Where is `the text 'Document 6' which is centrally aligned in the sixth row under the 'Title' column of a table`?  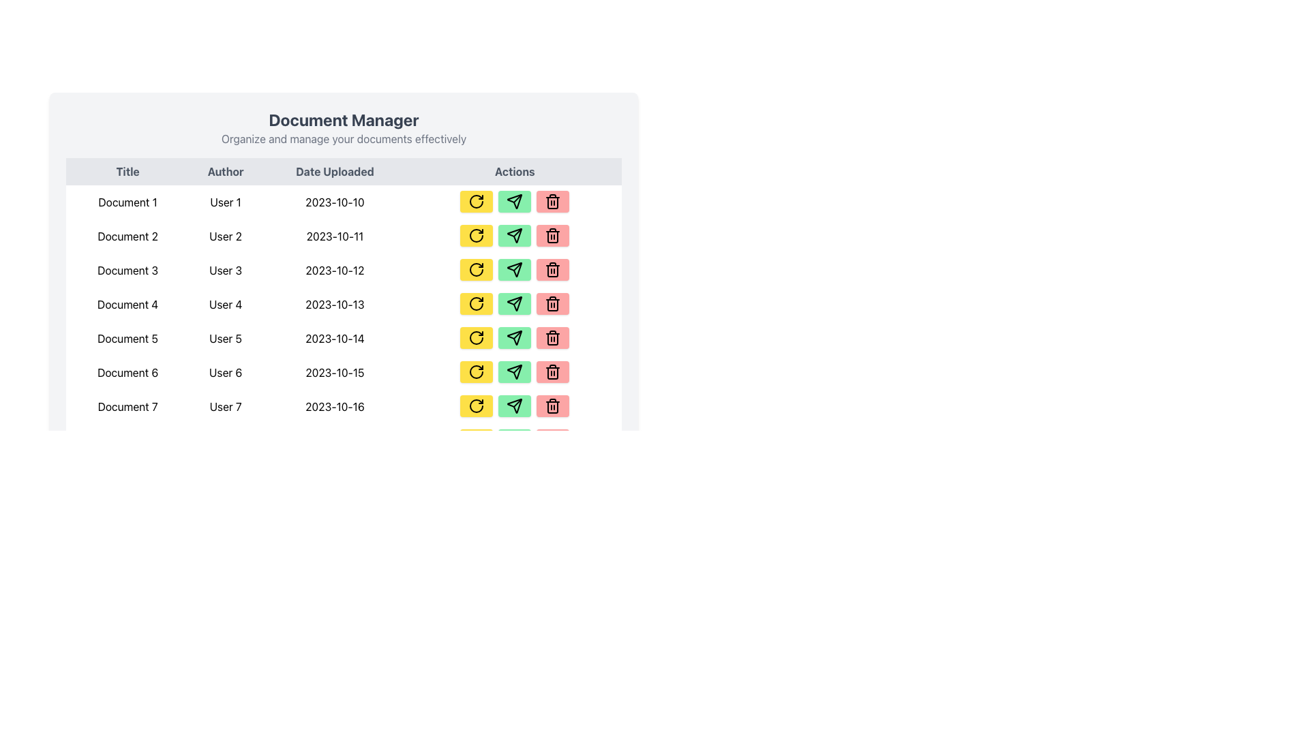
the text 'Document 6' which is centrally aligned in the sixth row under the 'Title' column of a table is located at coordinates (127, 373).